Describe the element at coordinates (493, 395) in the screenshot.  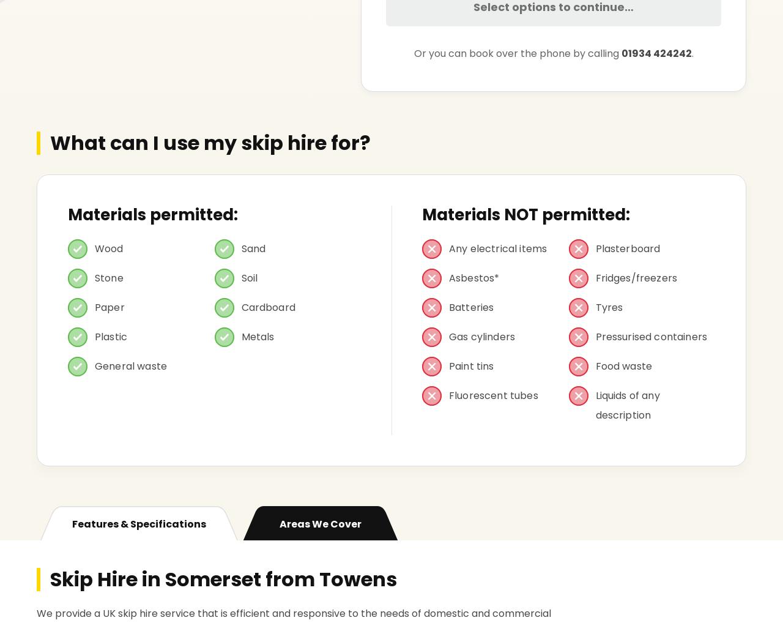
I see `'Fluorescent tubes'` at that location.